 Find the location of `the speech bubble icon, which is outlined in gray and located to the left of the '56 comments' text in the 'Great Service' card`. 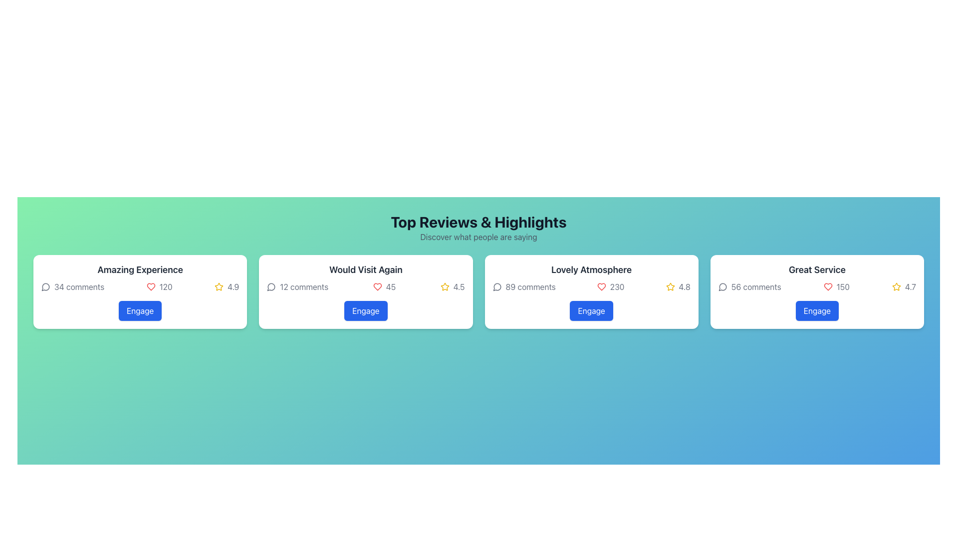

the speech bubble icon, which is outlined in gray and located to the left of the '56 comments' text in the 'Great Service' card is located at coordinates (722, 286).